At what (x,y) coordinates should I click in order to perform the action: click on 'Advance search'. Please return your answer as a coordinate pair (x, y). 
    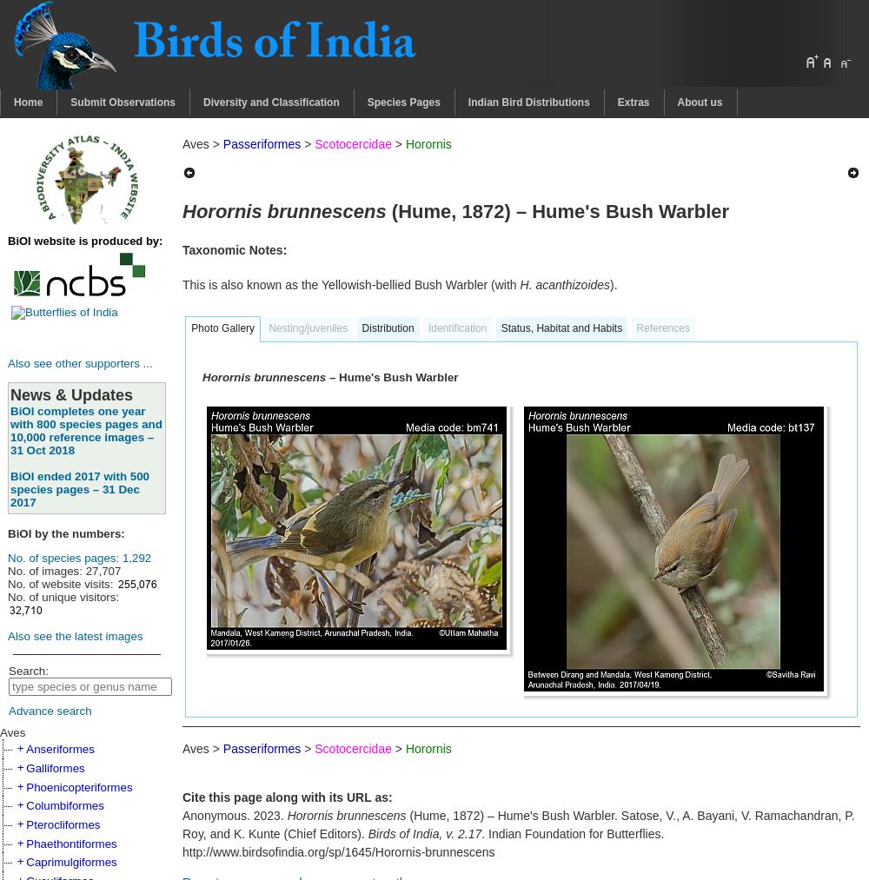
    Looking at the image, I should click on (9, 710).